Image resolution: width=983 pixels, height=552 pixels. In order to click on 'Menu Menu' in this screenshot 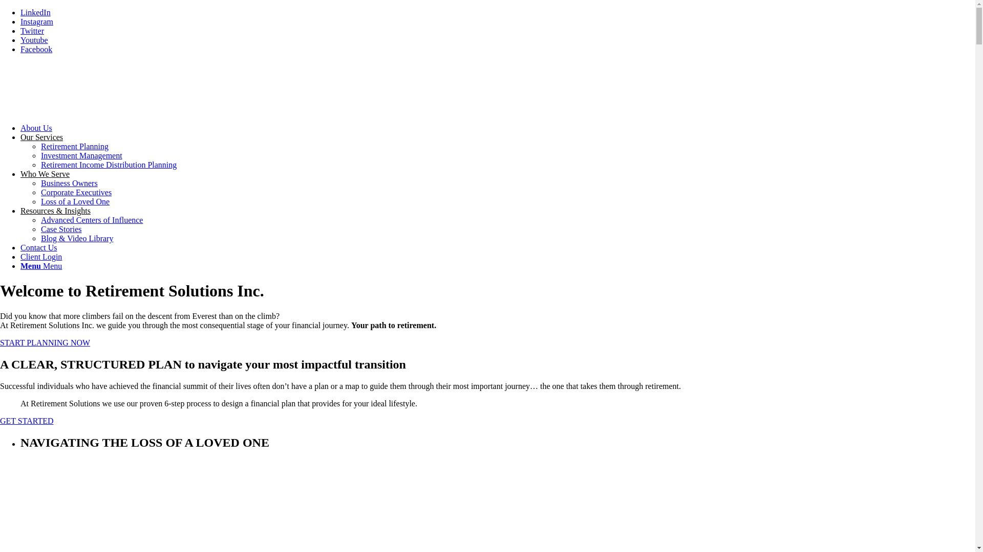, I will do `click(41, 265)`.